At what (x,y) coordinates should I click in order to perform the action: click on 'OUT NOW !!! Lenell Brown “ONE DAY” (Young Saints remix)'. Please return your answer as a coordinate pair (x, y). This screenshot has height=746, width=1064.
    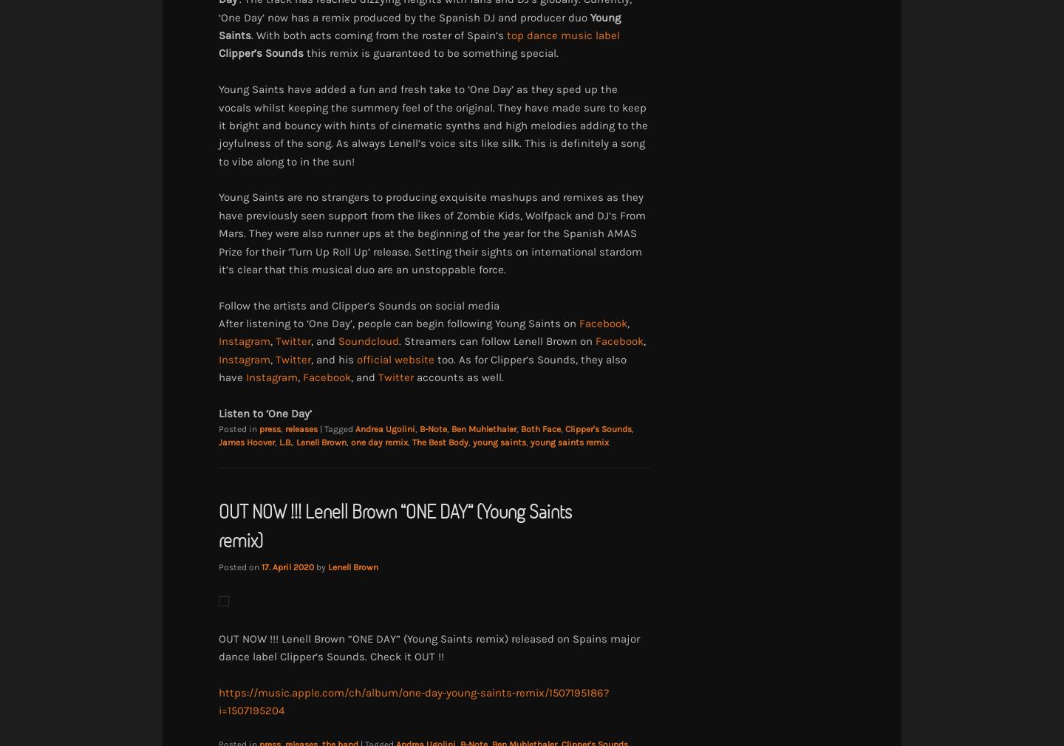
    Looking at the image, I should click on (218, 524).